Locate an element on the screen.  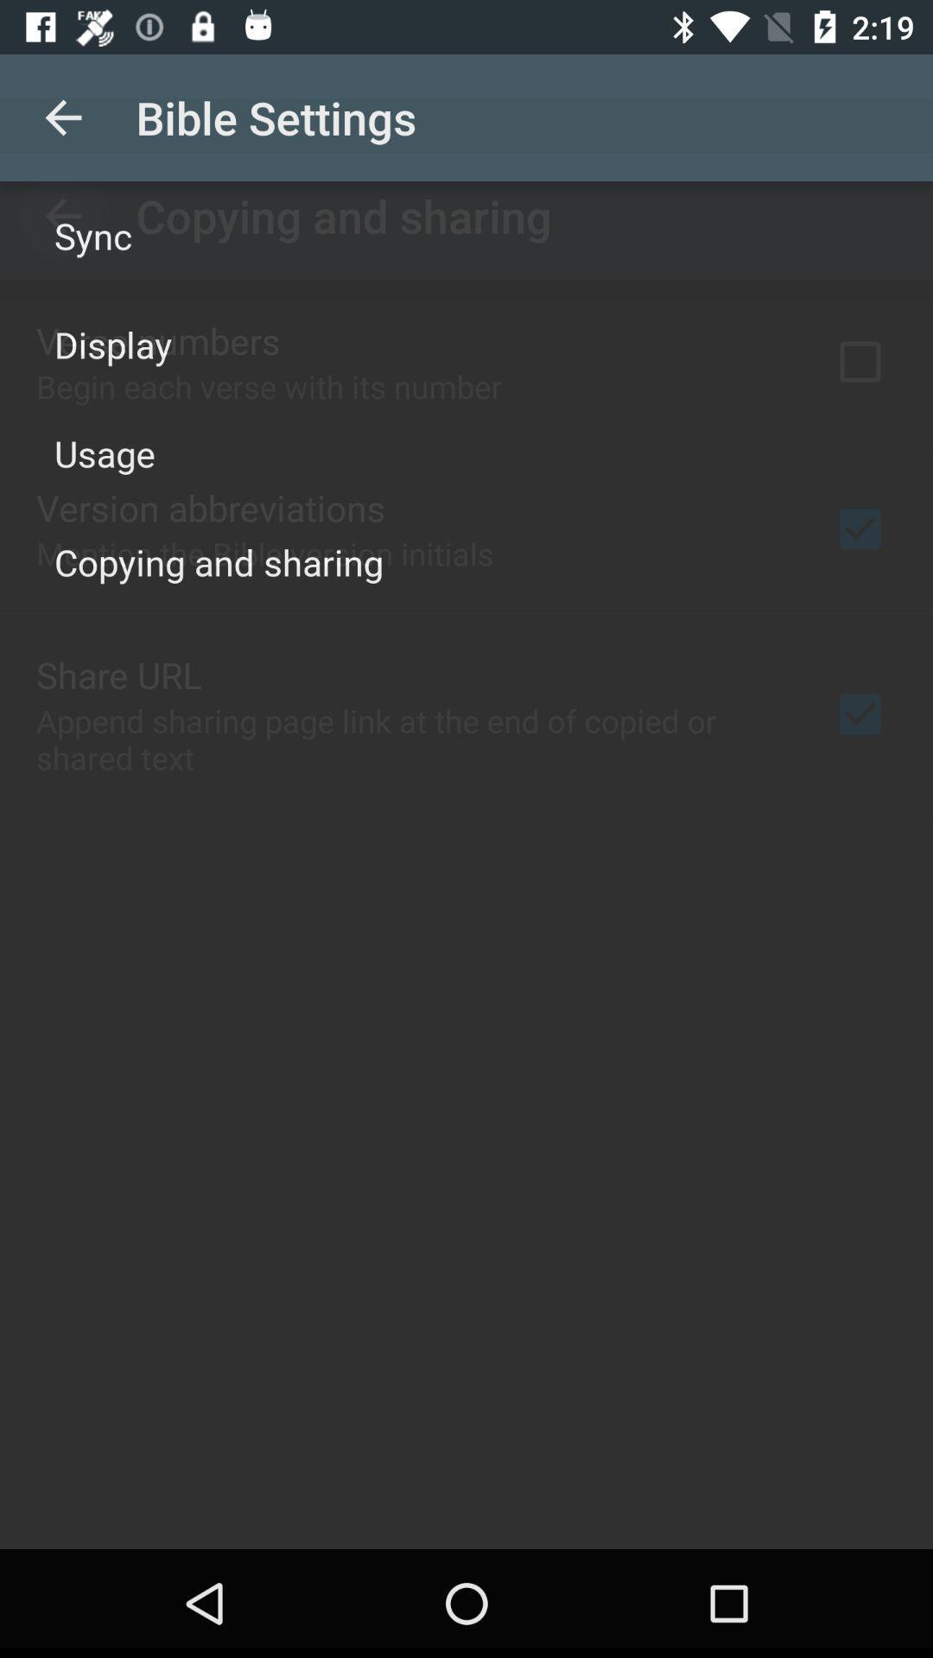
usage item is located at coordinates (105, 452).